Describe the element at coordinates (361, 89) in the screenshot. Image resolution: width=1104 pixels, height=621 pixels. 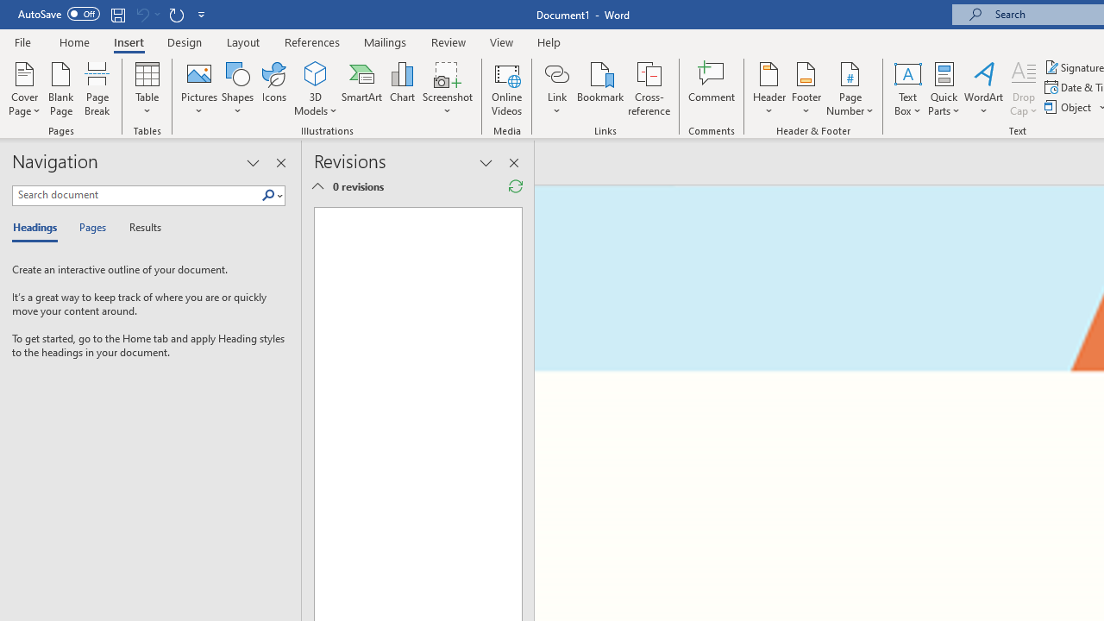
I see `'SmartArt...'` at that location.